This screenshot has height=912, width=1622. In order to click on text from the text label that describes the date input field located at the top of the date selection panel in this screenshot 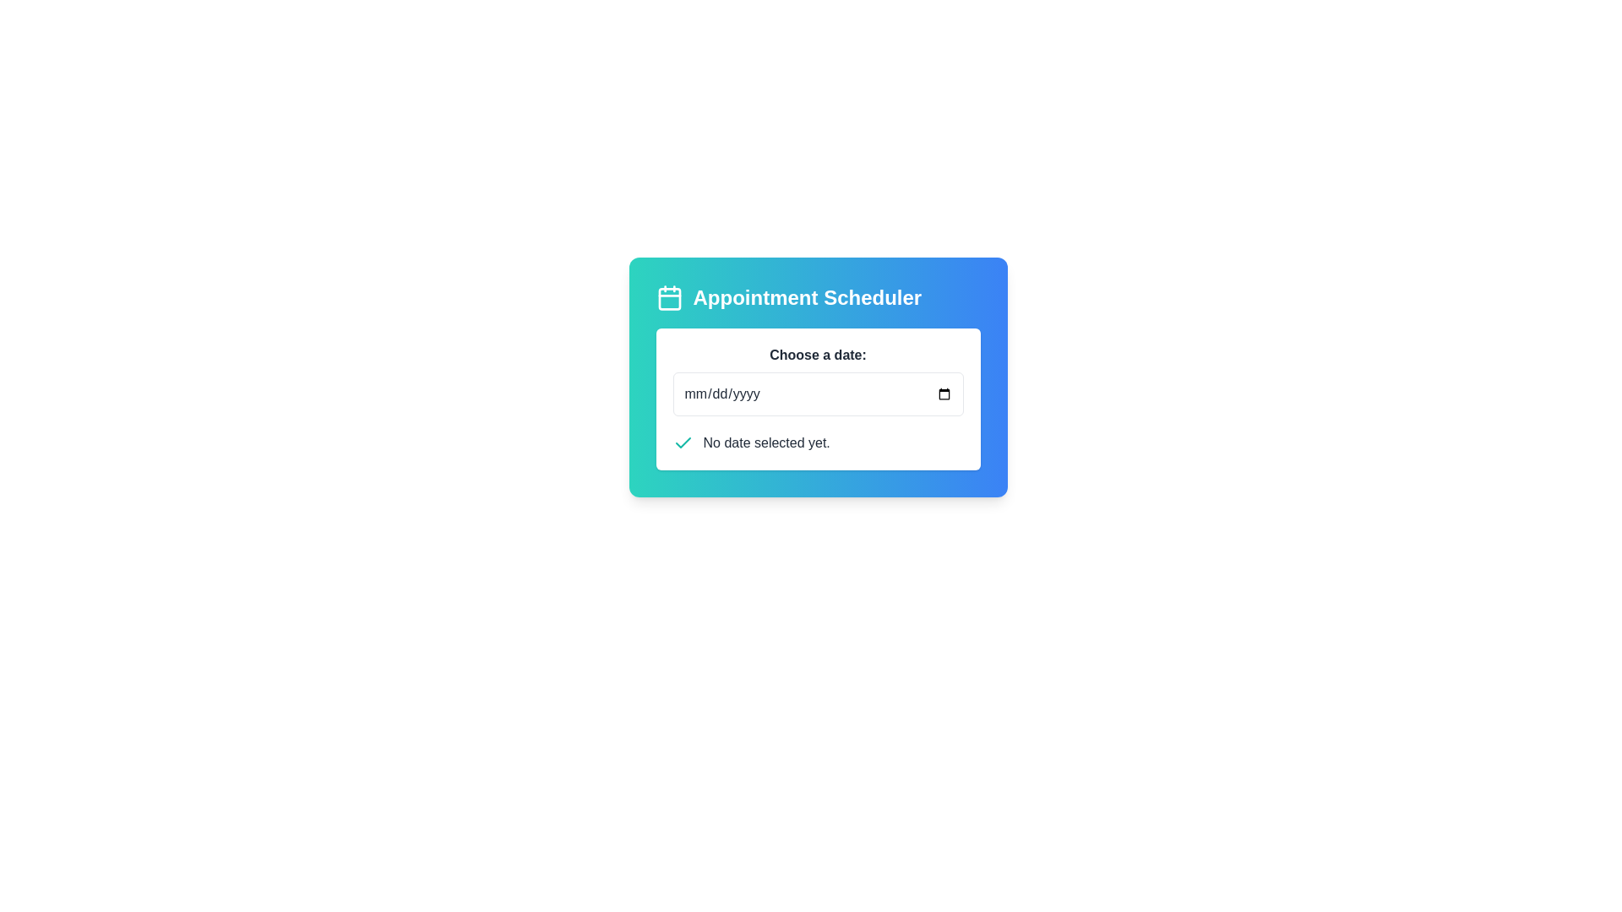, I will do `click(818, 354)`.